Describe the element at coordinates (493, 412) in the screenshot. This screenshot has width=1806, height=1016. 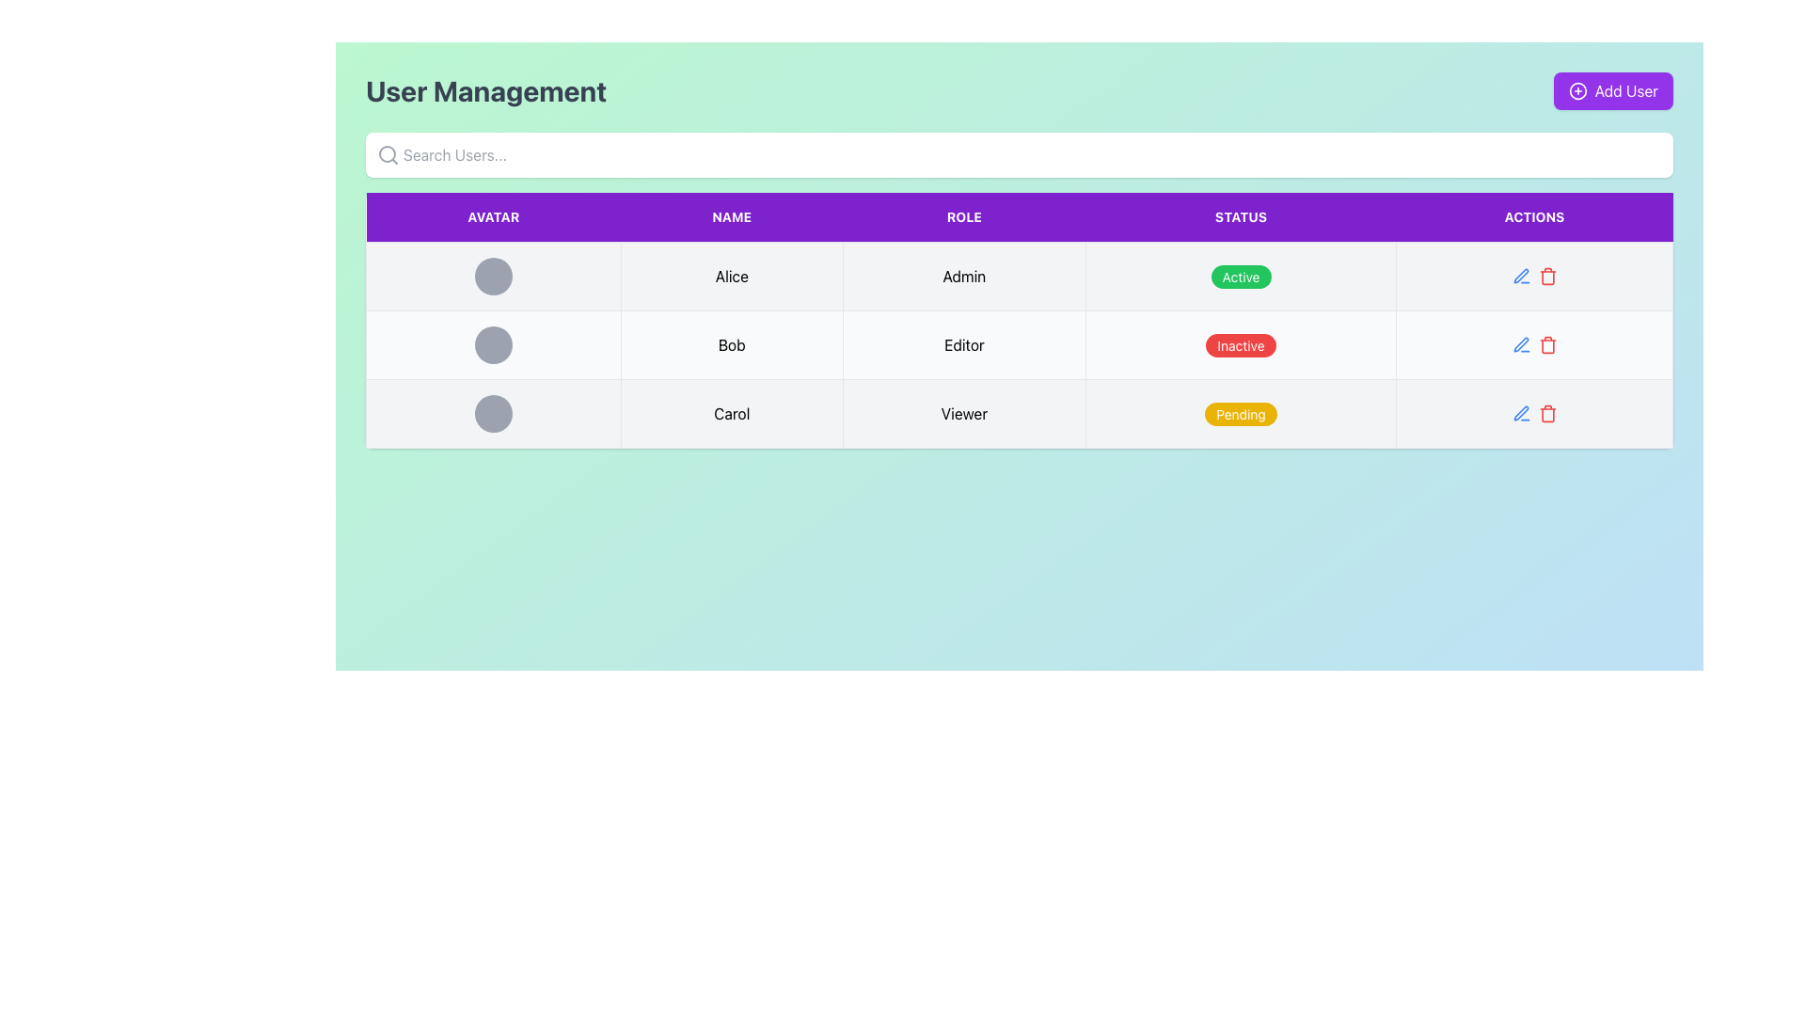
I see `the Avatar Placeholder for user 'Carol' located` at that location.